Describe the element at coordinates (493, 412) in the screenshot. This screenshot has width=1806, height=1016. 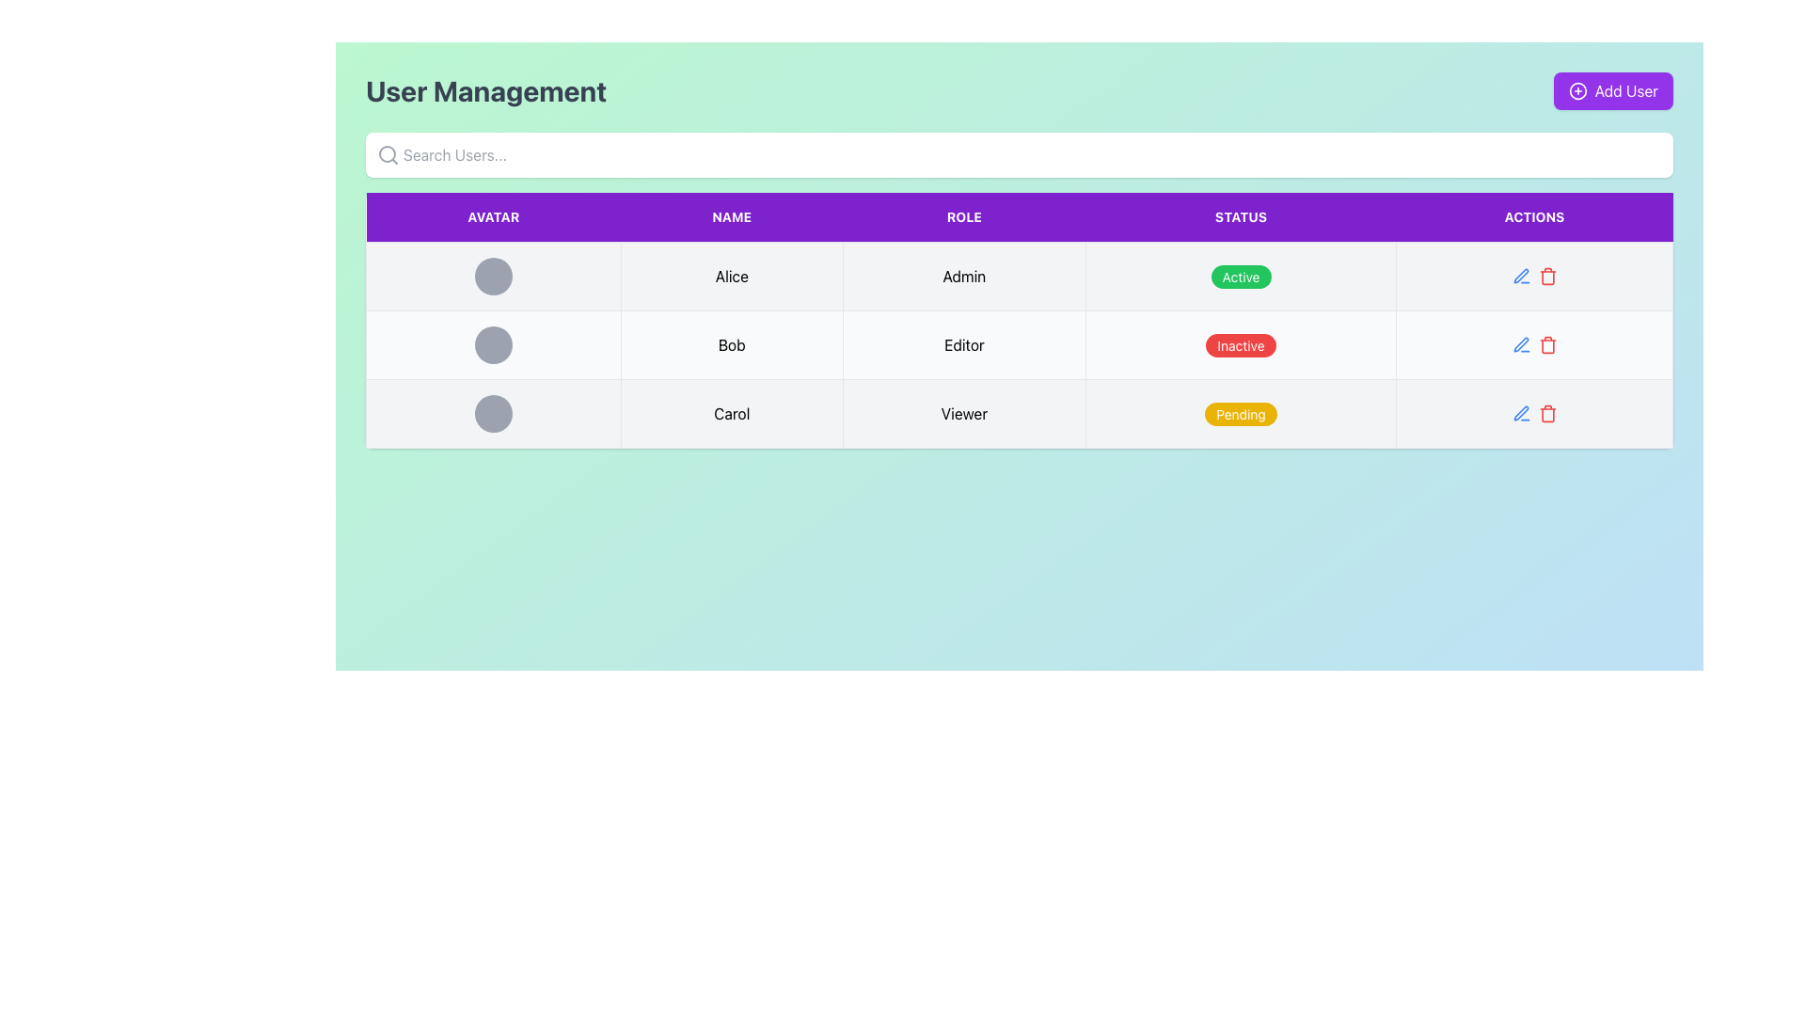
I see `the Avatar Placeholder for user 'Carol' located` at that location.